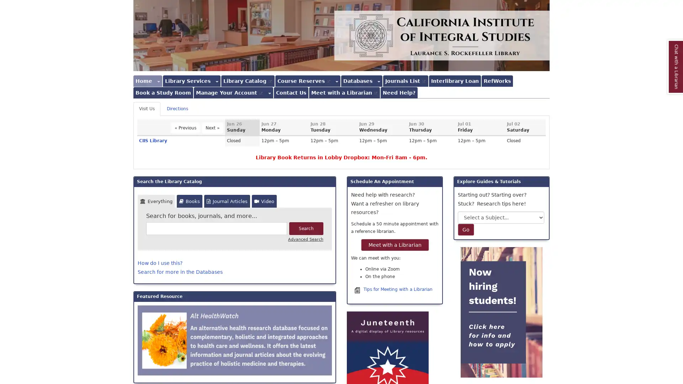 This screenshot has height=384, width=683. Describe the element at coordinates (466, 229) in the screenshot. I see `Go` at that location.